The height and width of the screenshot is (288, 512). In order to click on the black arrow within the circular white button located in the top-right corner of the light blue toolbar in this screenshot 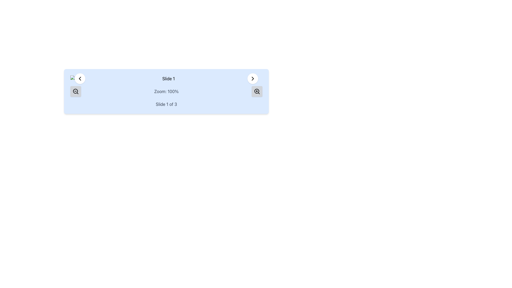, I will do `click(253, 78)`.